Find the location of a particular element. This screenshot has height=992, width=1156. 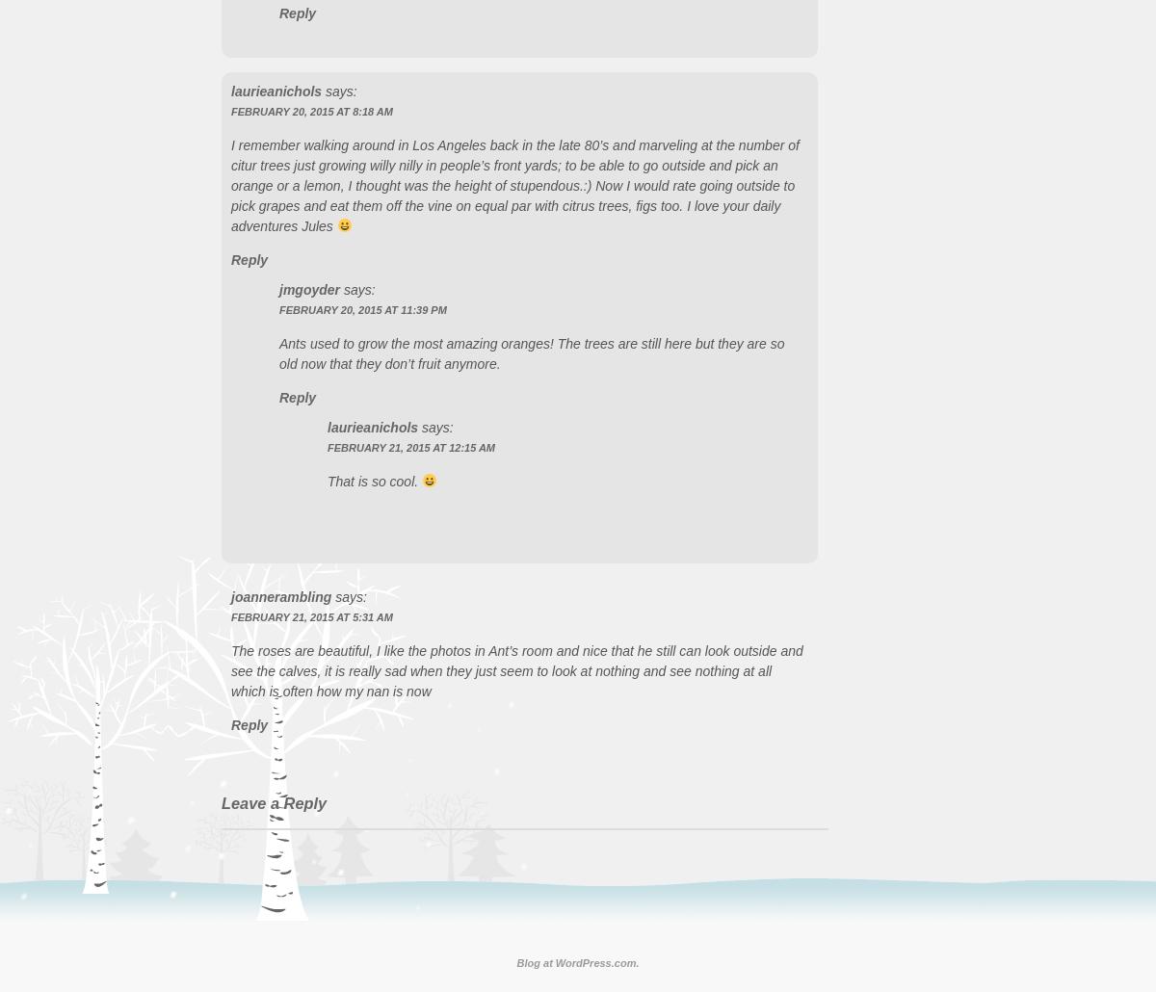

'Ants used to grow the most amazing oranges! The trees are still here but they are so old now that they don’t fruit anymore.' is located at coordinates (531, 352).